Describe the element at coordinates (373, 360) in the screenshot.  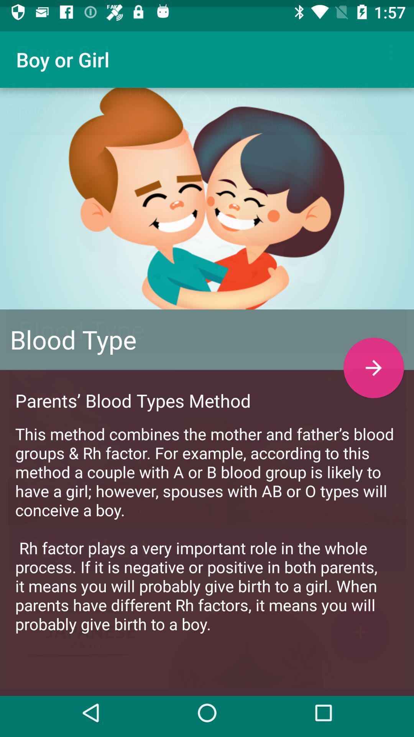
I see `the arrow_forward icon` at that location.